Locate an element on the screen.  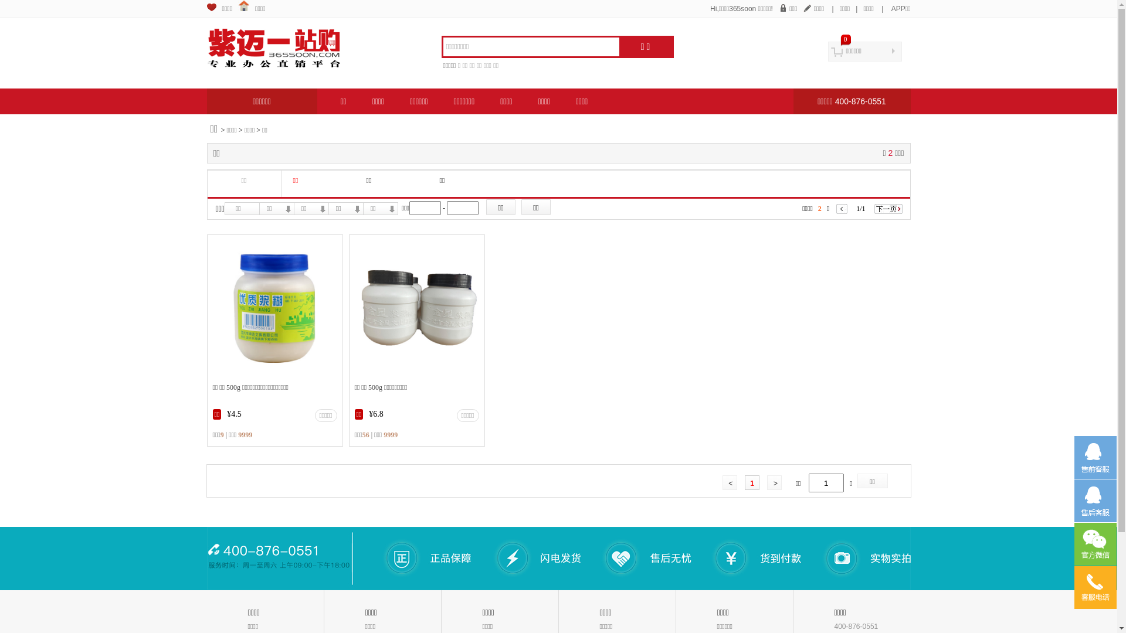
' >' is located at coordinates (774, 482).